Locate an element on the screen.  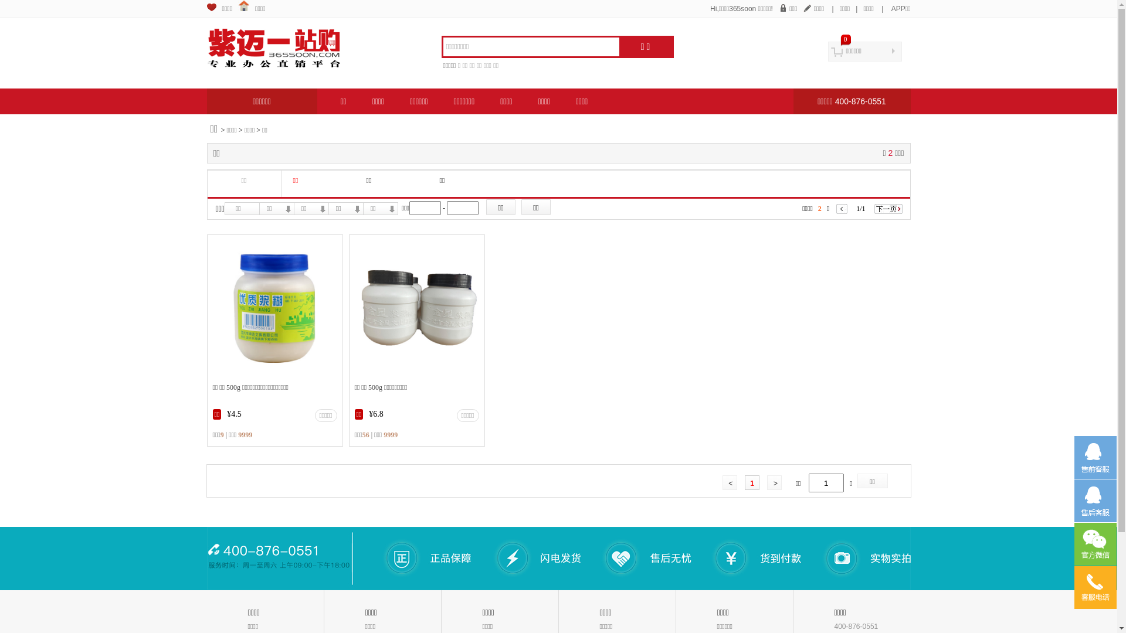
' >' is located at coordinates (774, 482).